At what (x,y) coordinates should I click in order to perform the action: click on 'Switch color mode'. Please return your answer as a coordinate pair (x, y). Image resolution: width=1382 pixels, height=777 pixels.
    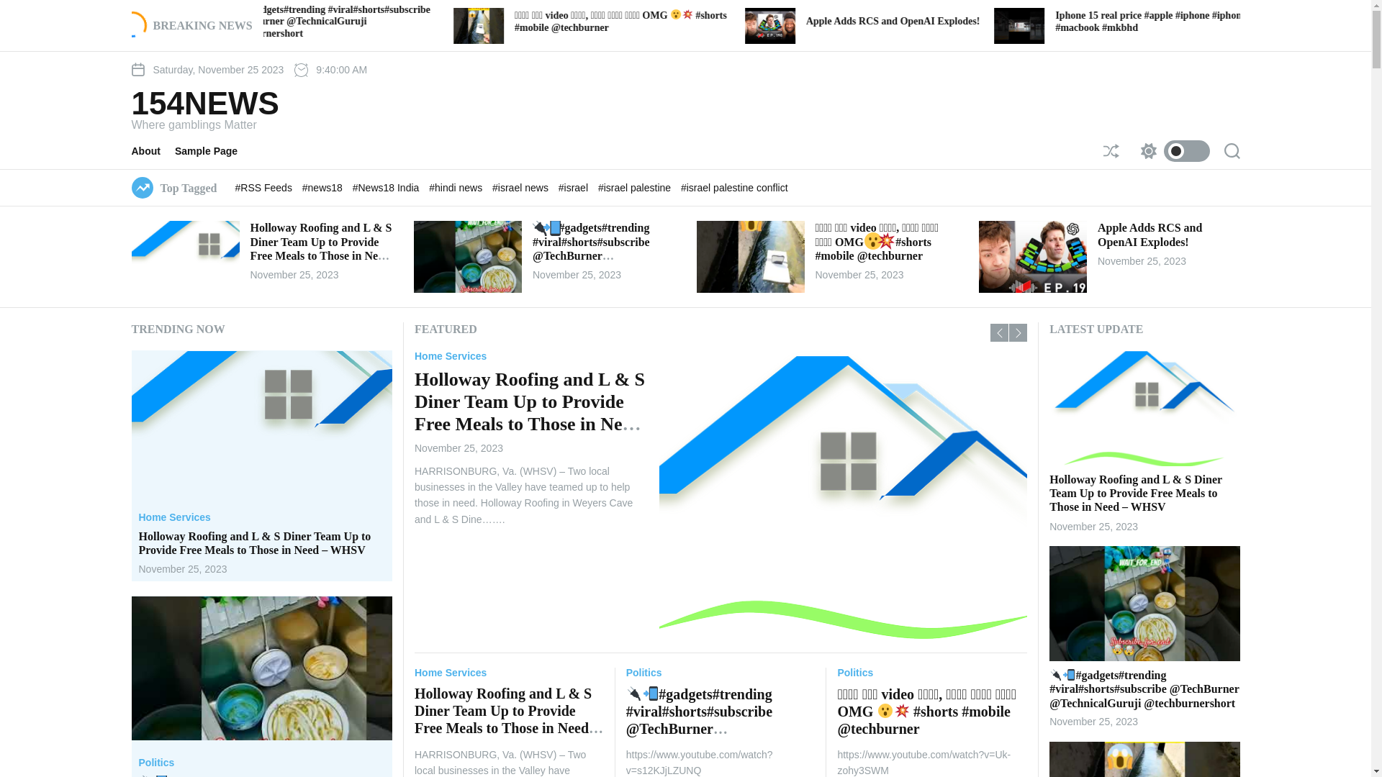
    Looking at the image, I should click on (1171, 150).